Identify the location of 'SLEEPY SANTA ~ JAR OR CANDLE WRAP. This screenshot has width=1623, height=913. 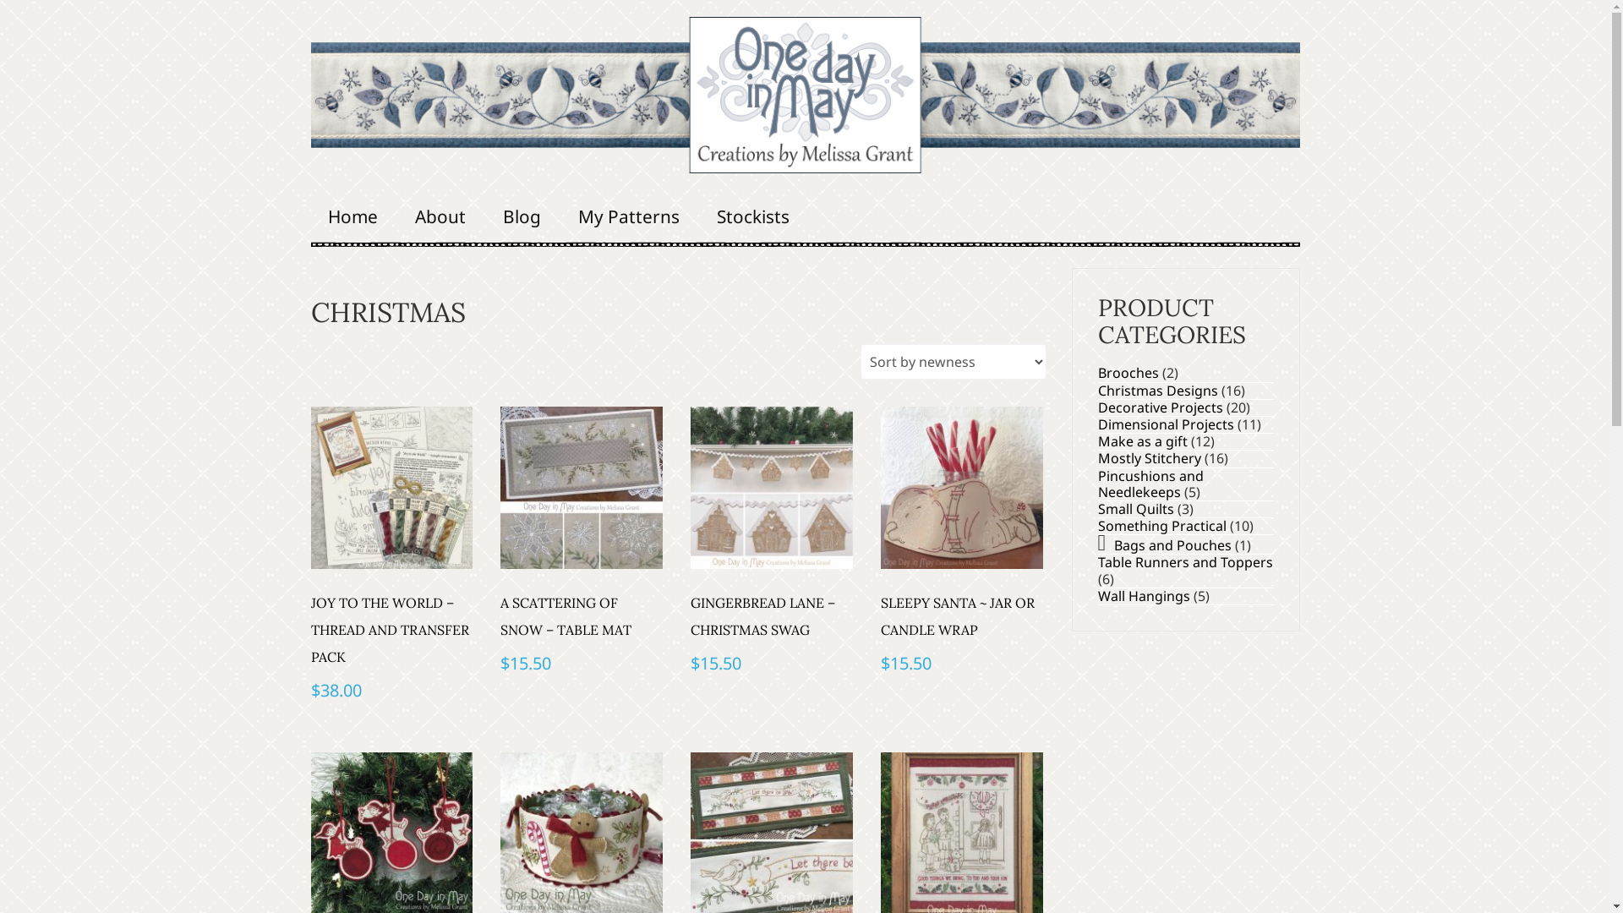
(879, 542).